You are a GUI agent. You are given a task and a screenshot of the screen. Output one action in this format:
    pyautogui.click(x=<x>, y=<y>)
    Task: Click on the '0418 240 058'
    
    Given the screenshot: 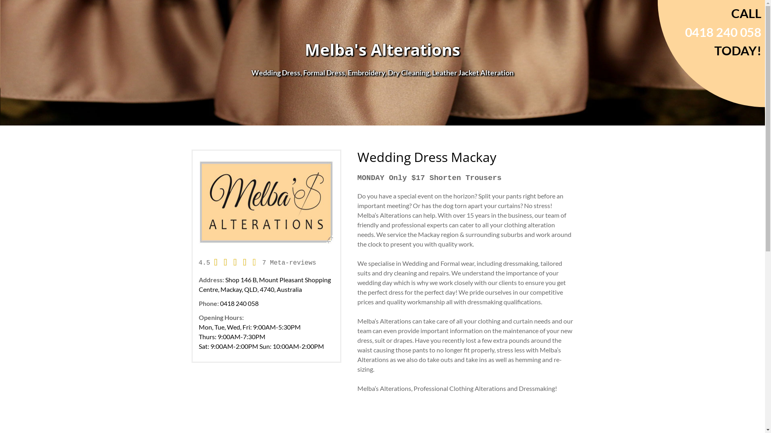 What is the action you would take?
    pyautogui.click(x=239, y=303)
    